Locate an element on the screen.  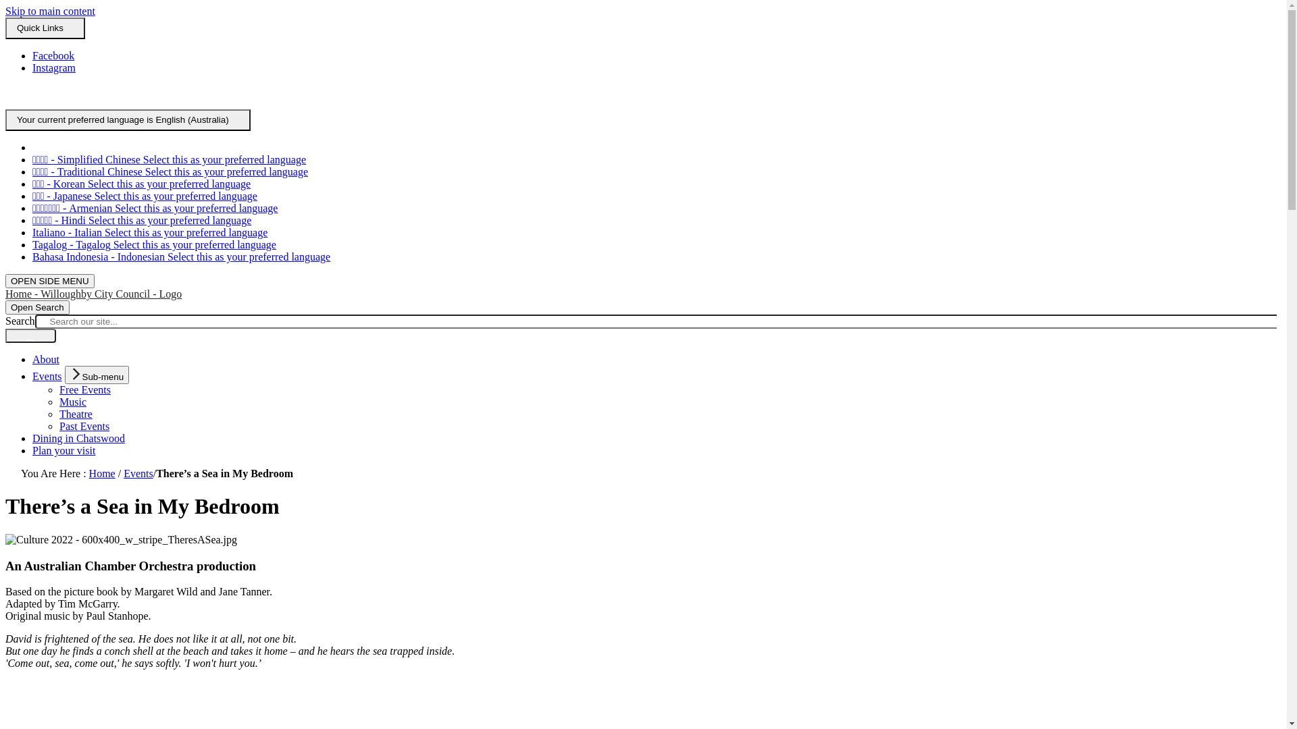
'Your current preferred language is English (Australia)' is located at coordinates (128, 119).